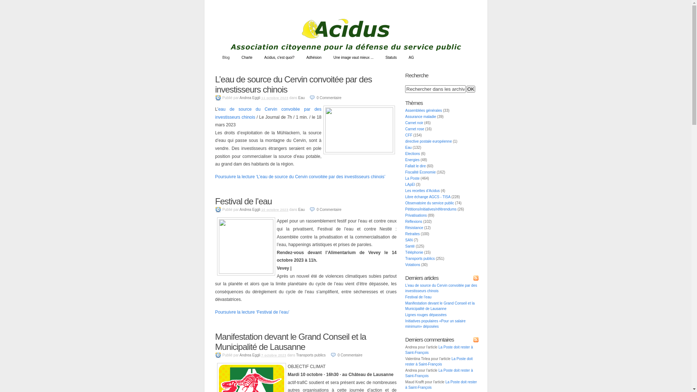 Image resolution: width=697 pixels, height=392 pixels. What do you see at coordinates (403, 57) in the screenshot?
I see `'AG'` at bounding box center [403, 57].